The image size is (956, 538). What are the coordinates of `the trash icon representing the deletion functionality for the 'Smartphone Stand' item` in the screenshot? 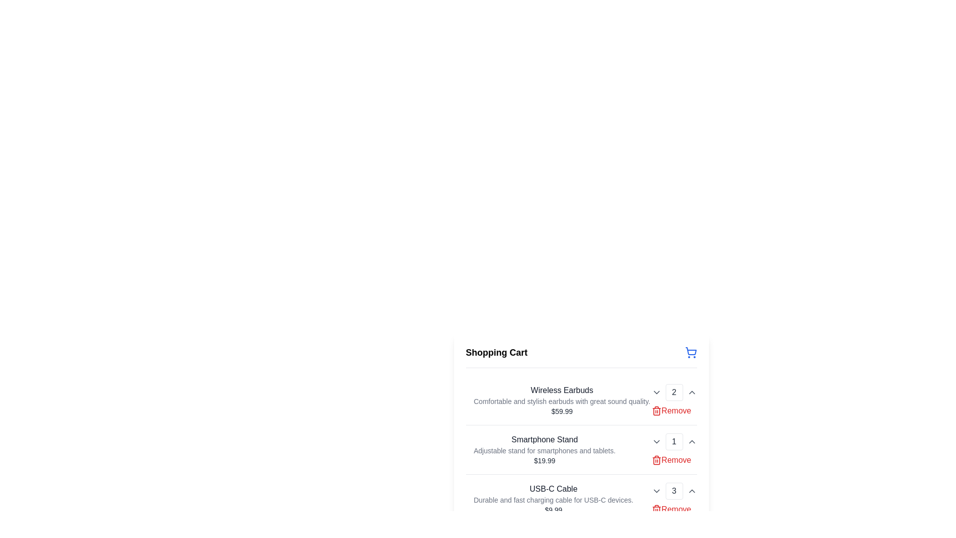 It's located at (656, 461).